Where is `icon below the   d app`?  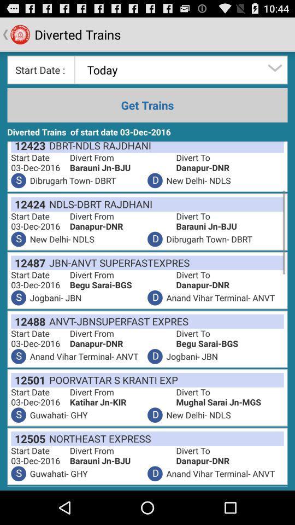 icon below the   d app is located at coordinates (116, 321).